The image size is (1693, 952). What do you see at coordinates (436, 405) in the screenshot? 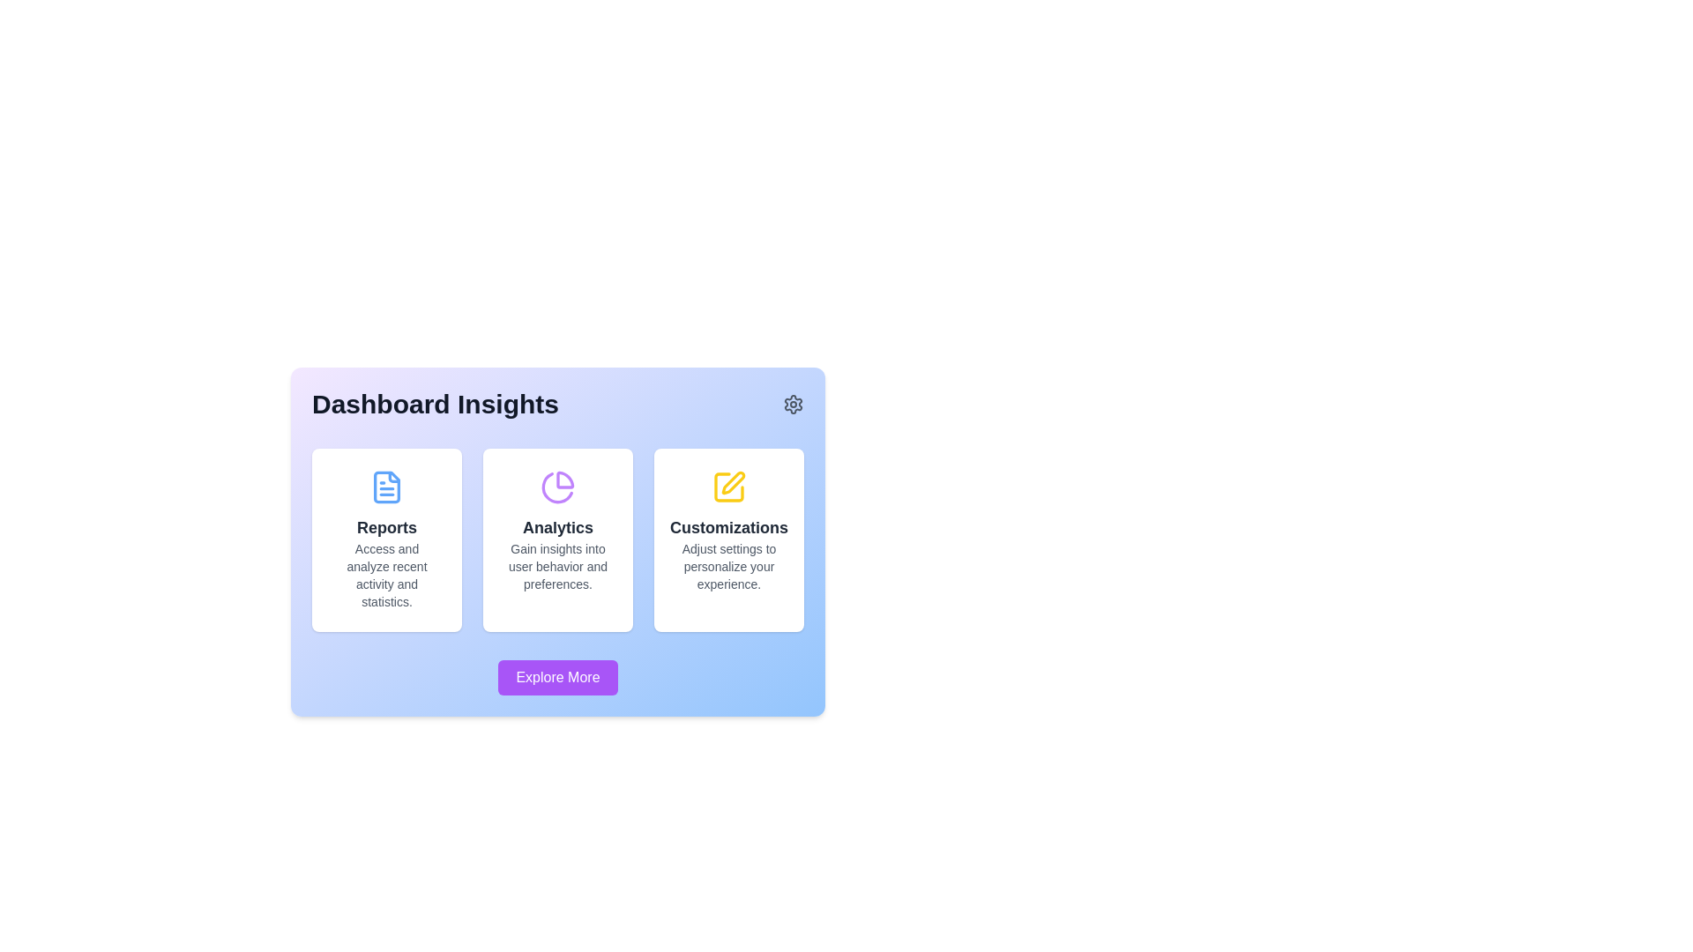
I see `the Text header located at the top-left corner of the dashboard section, which indicates the content or purpose of this section` at bounding box center [436, 405].